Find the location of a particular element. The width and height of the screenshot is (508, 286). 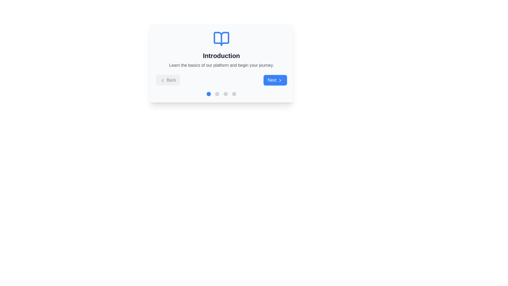

the small, right-pointing chevron-shaped icon embedded within the 'Next' button located in the bottom right corner of the modal dialog to progress is located at coordinates (280, 80).